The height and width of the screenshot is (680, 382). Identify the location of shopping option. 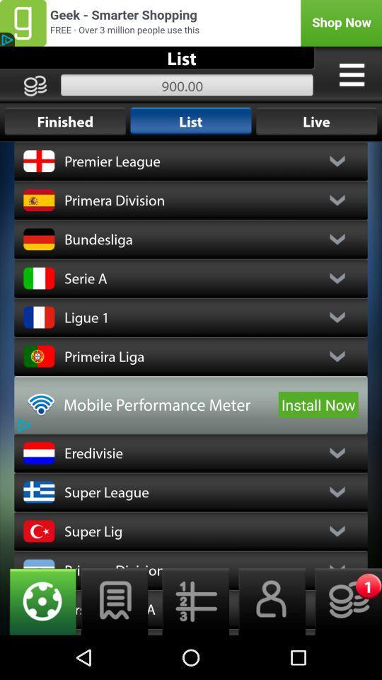
(191, 22).